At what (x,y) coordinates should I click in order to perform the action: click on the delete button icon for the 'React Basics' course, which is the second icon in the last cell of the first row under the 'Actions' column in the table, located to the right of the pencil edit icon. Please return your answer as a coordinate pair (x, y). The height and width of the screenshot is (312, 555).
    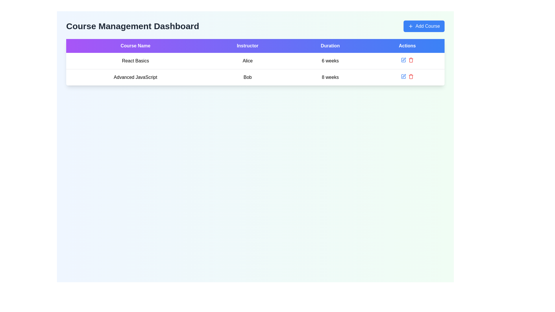
    Looking at the image, I should click on (410, 60).